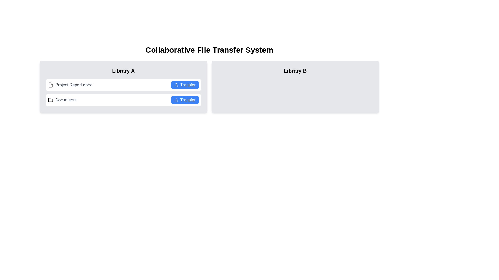 The image size is (499, 280). I want to click on the composite element labeled 'Project Report.docx' with the file icon and the 'Transfer' button, so click(123, 92).